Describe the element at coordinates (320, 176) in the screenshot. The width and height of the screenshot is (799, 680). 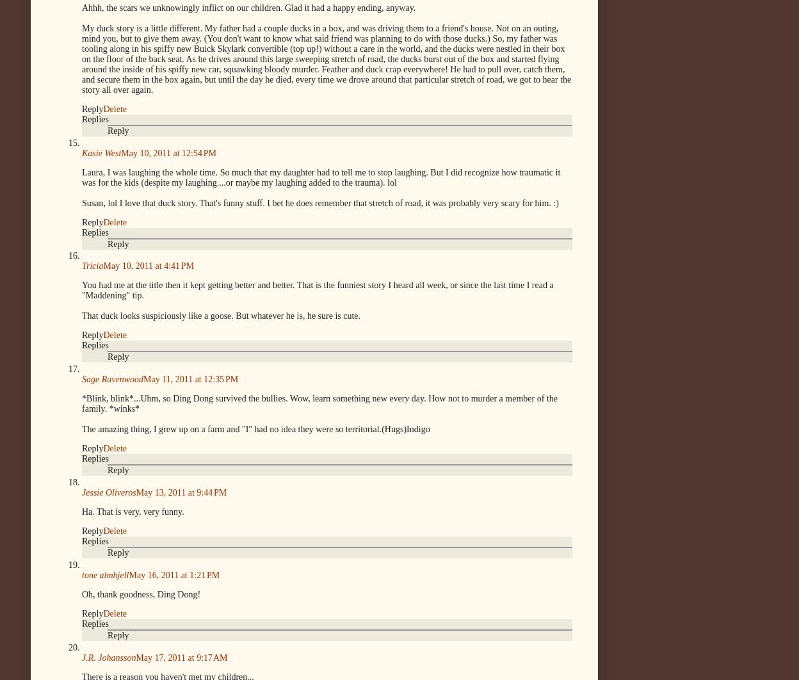
I see `'Laura, I was laughing the whole time. So much that my daughter had to tell me to stop laughing. But I did recognize how traumatic it was for the kids (despite my laughing....or maybe my laughing added to the trauma). lol'` at that location.